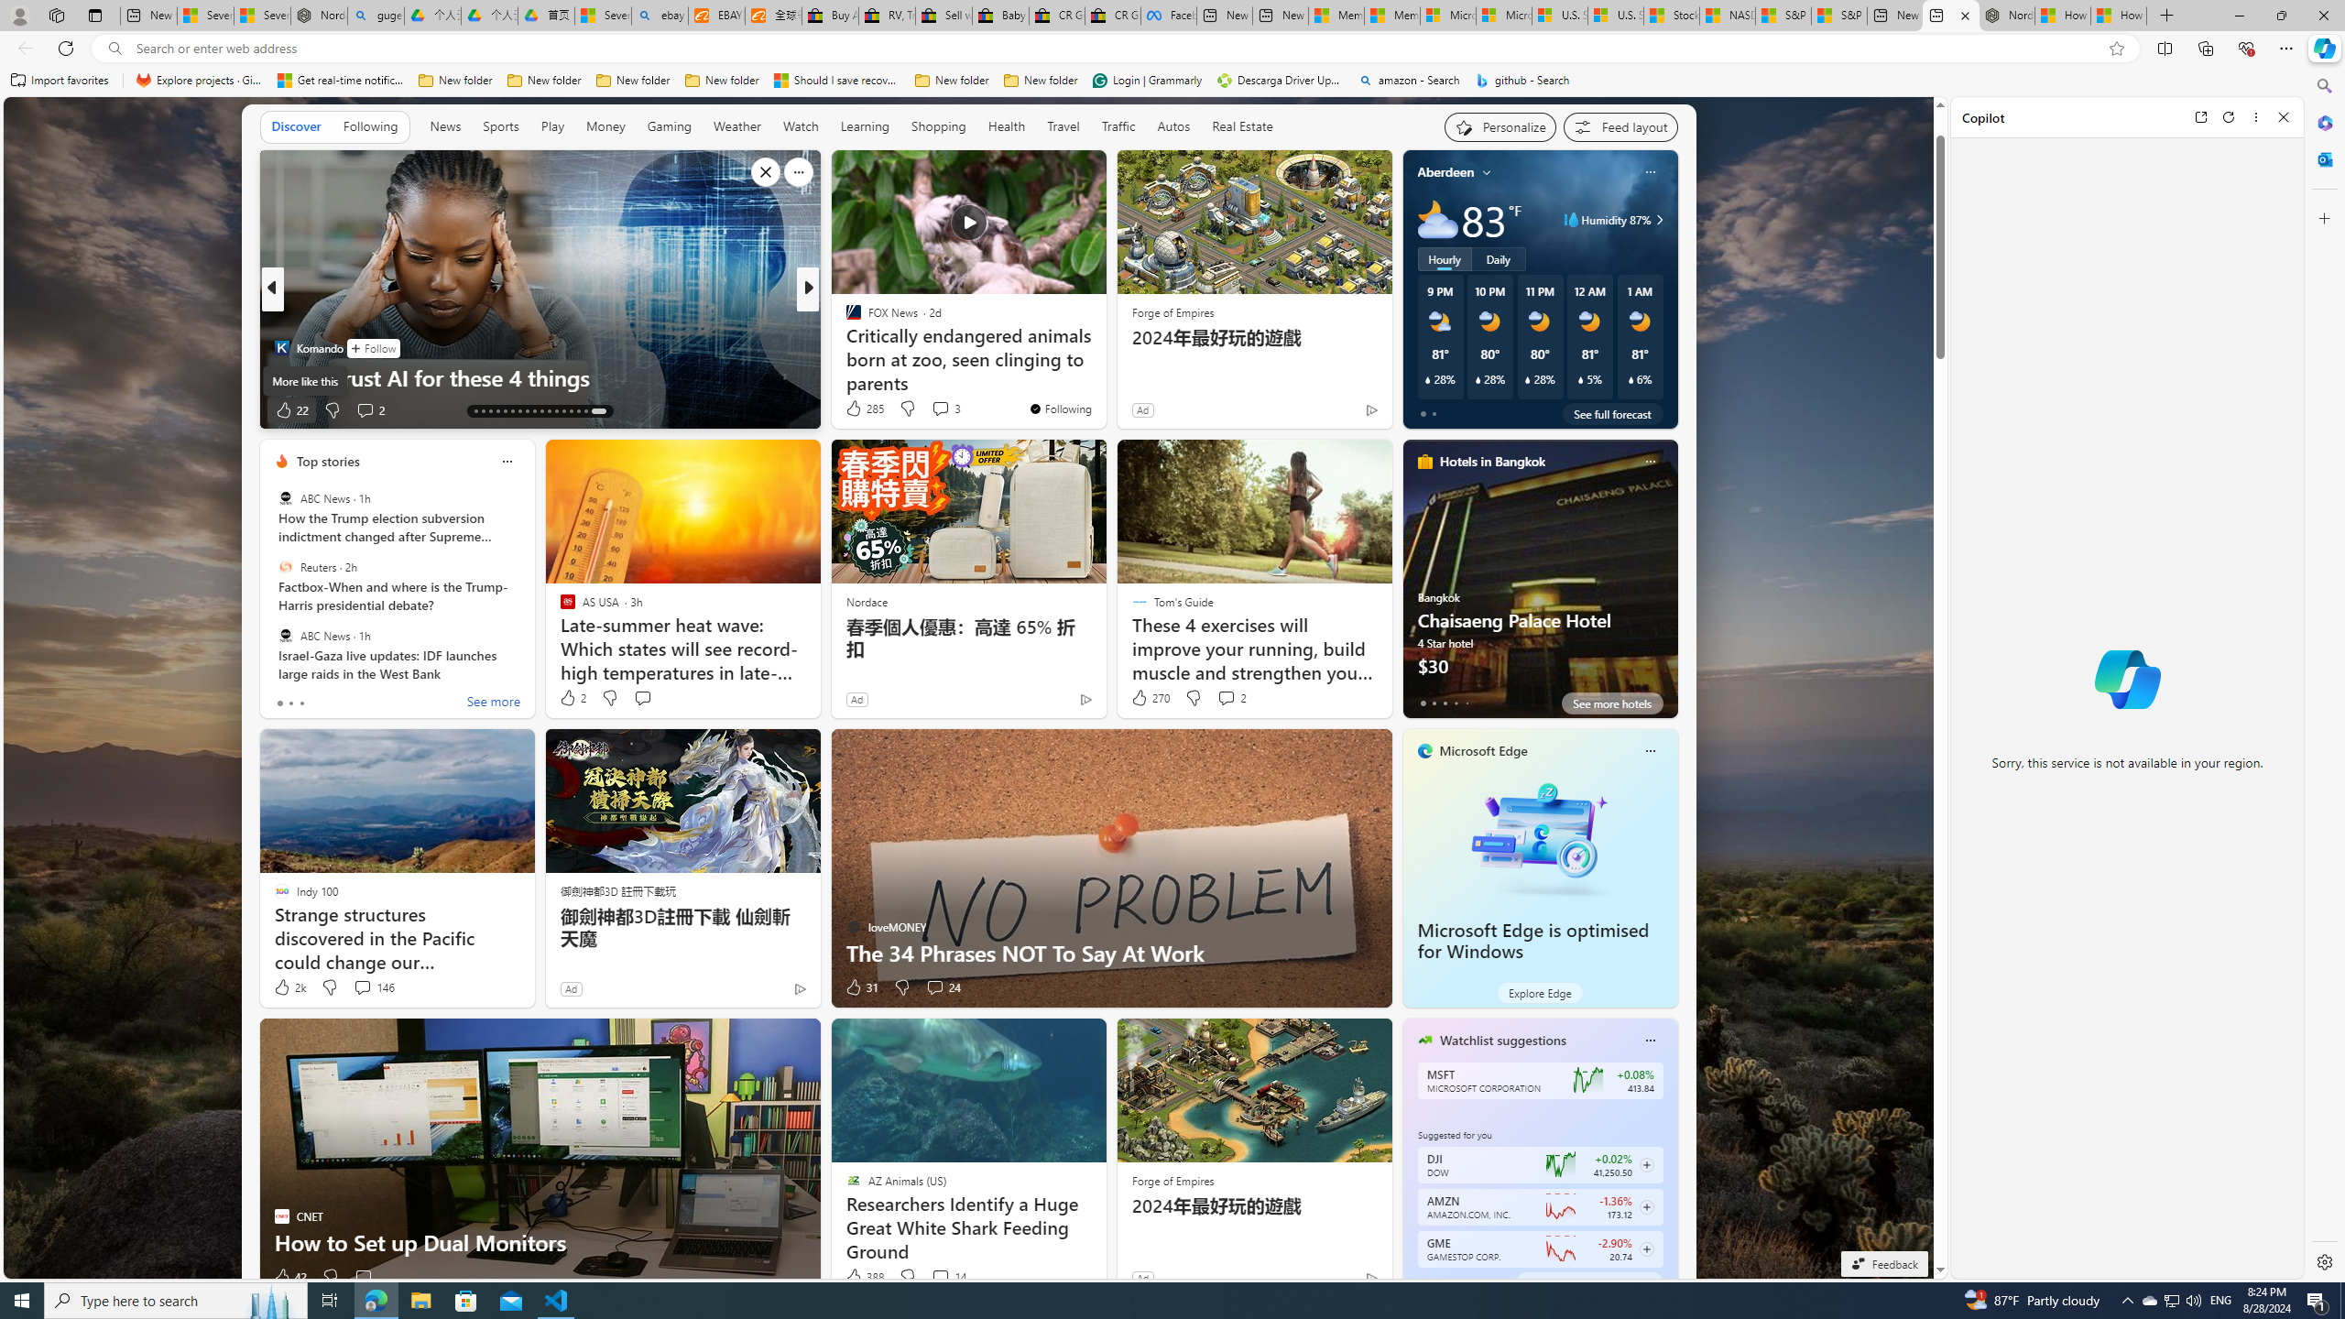 Image resolution: width=2345 pixels, height=1319 pixels. Describe the element at coordinates (551, 126) in the screenshot. I see `'Play'` at that location.